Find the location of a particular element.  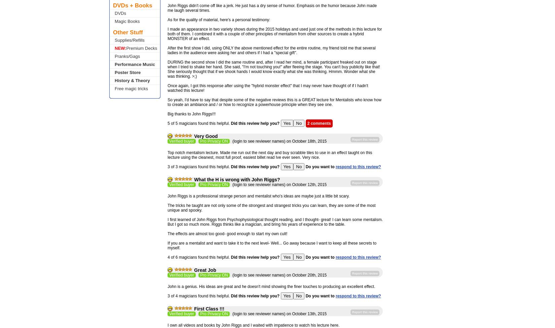

'3 of 3 magicians found this helpful.' is located at coordinates (167, 166).